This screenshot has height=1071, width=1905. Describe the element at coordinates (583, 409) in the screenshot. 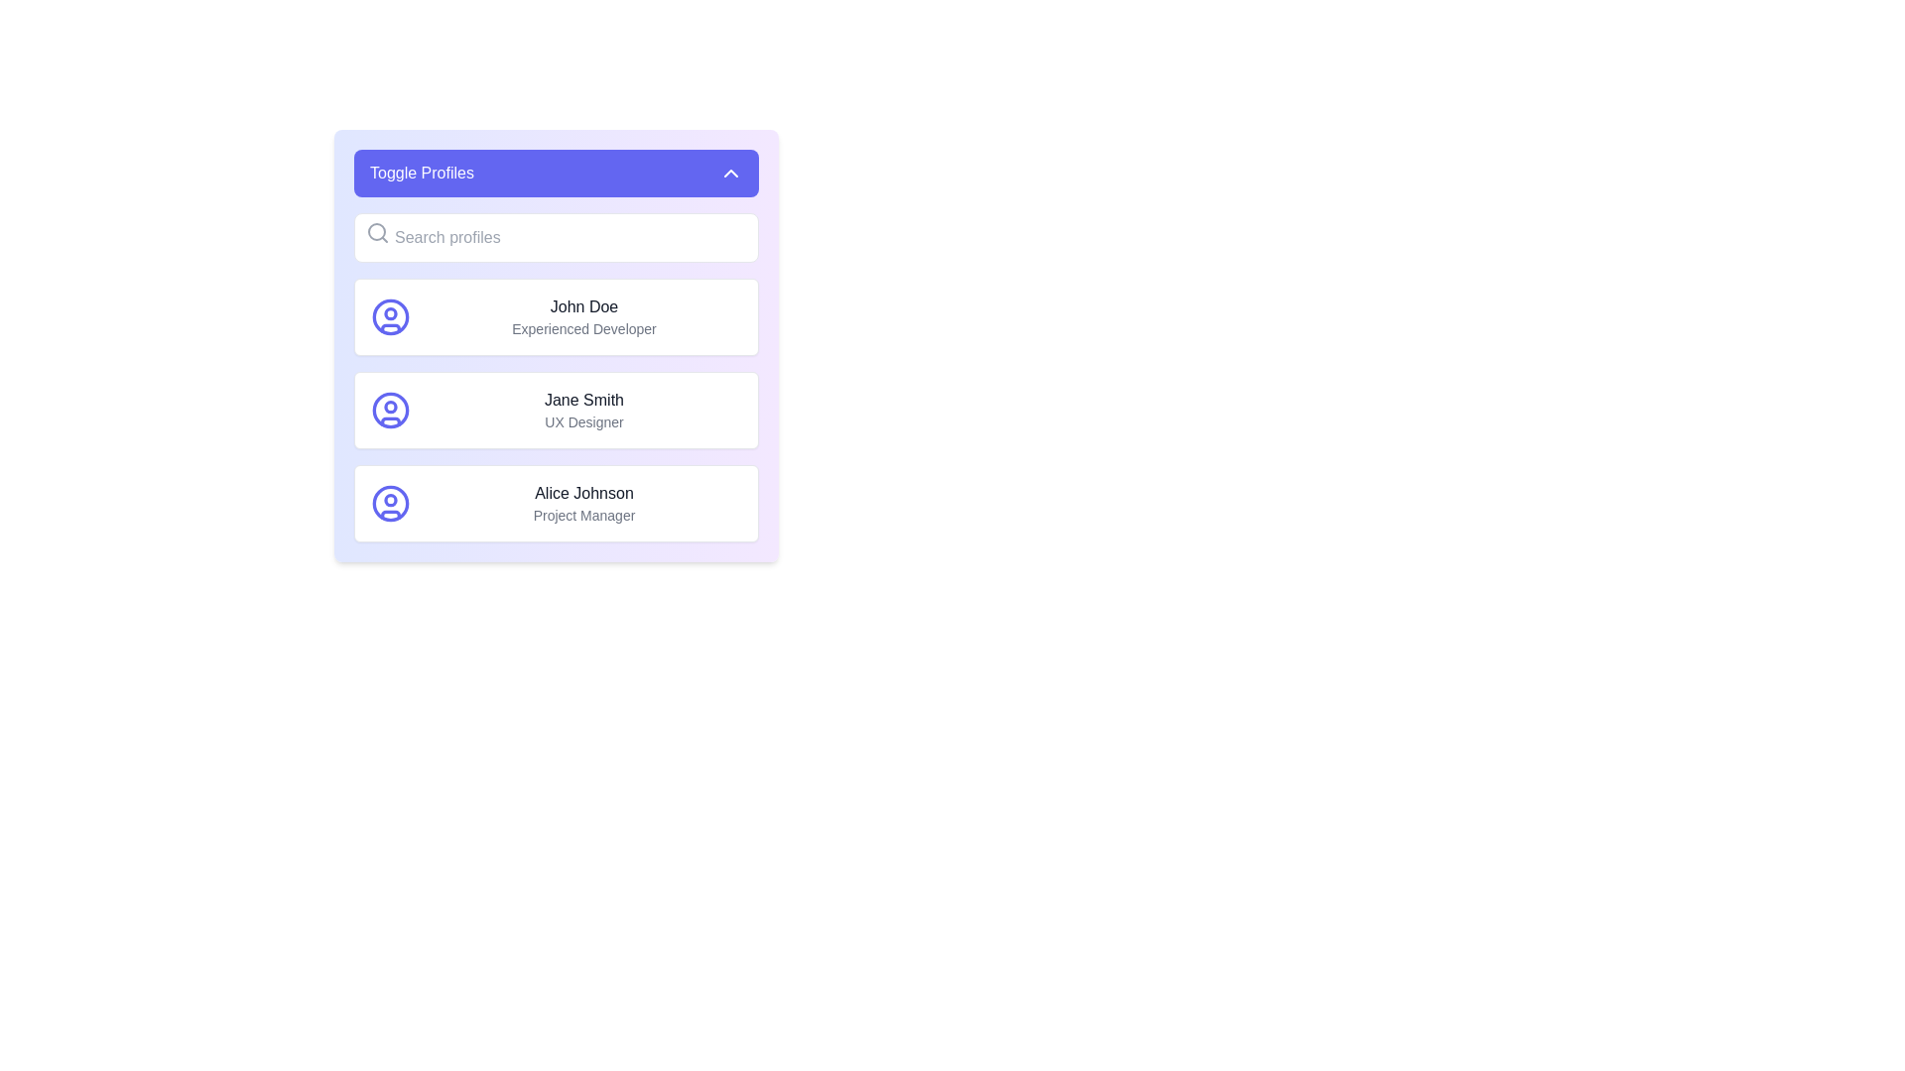

I see `the text label displaying 'Jane Smith' and 'UX Designer' located in the middle card of the profile cards list` at that location.